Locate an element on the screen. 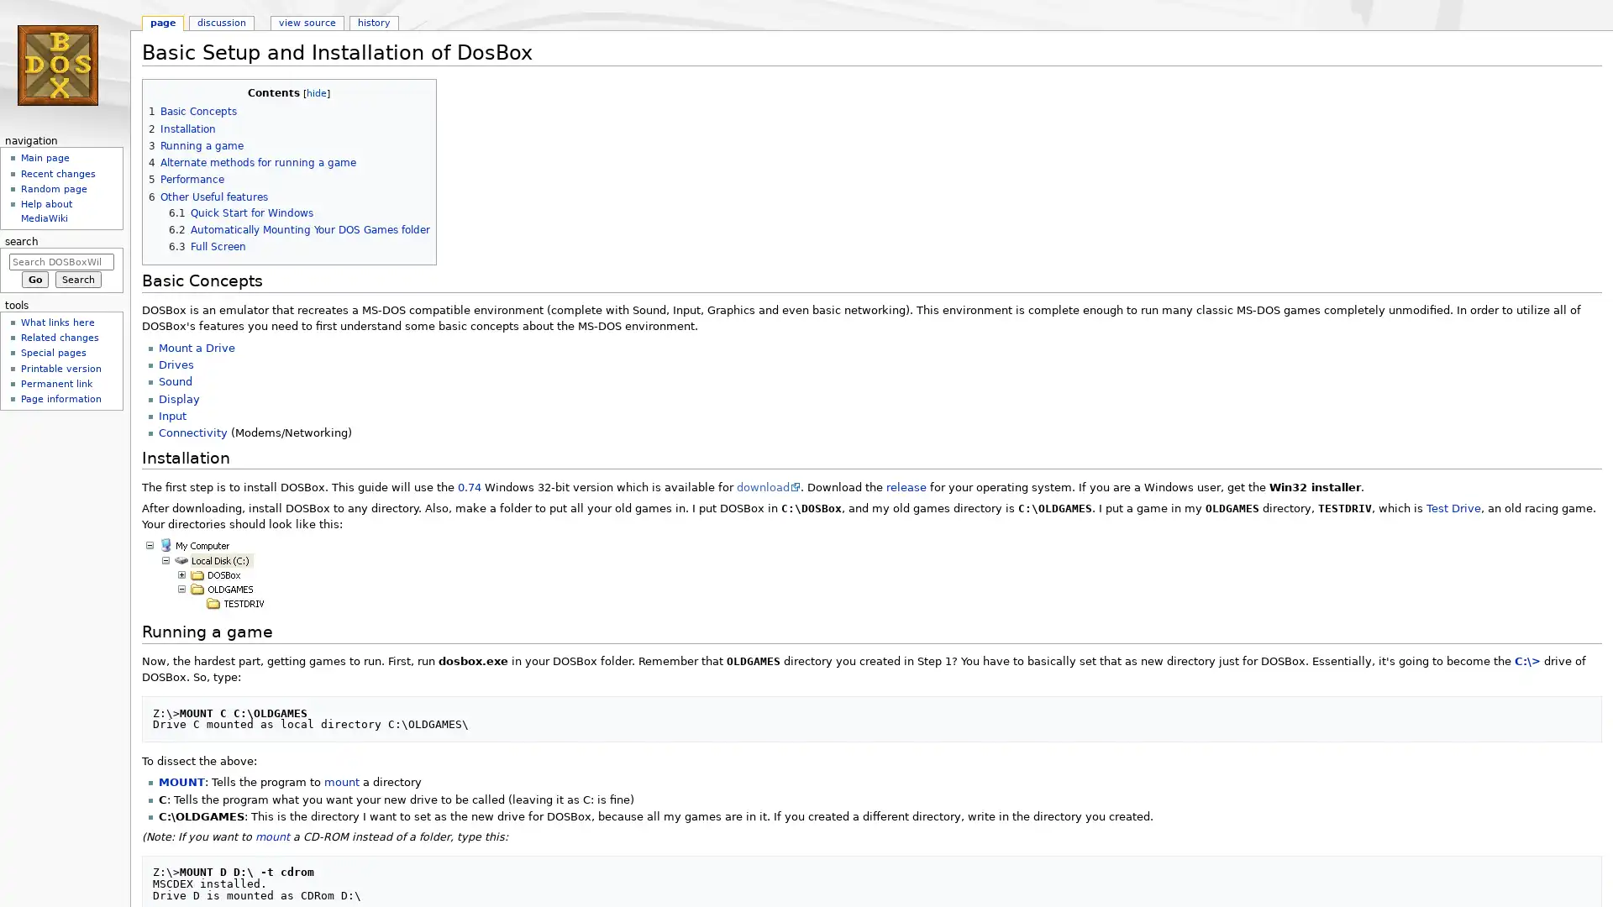  Search is located at coordinates (77, 278).